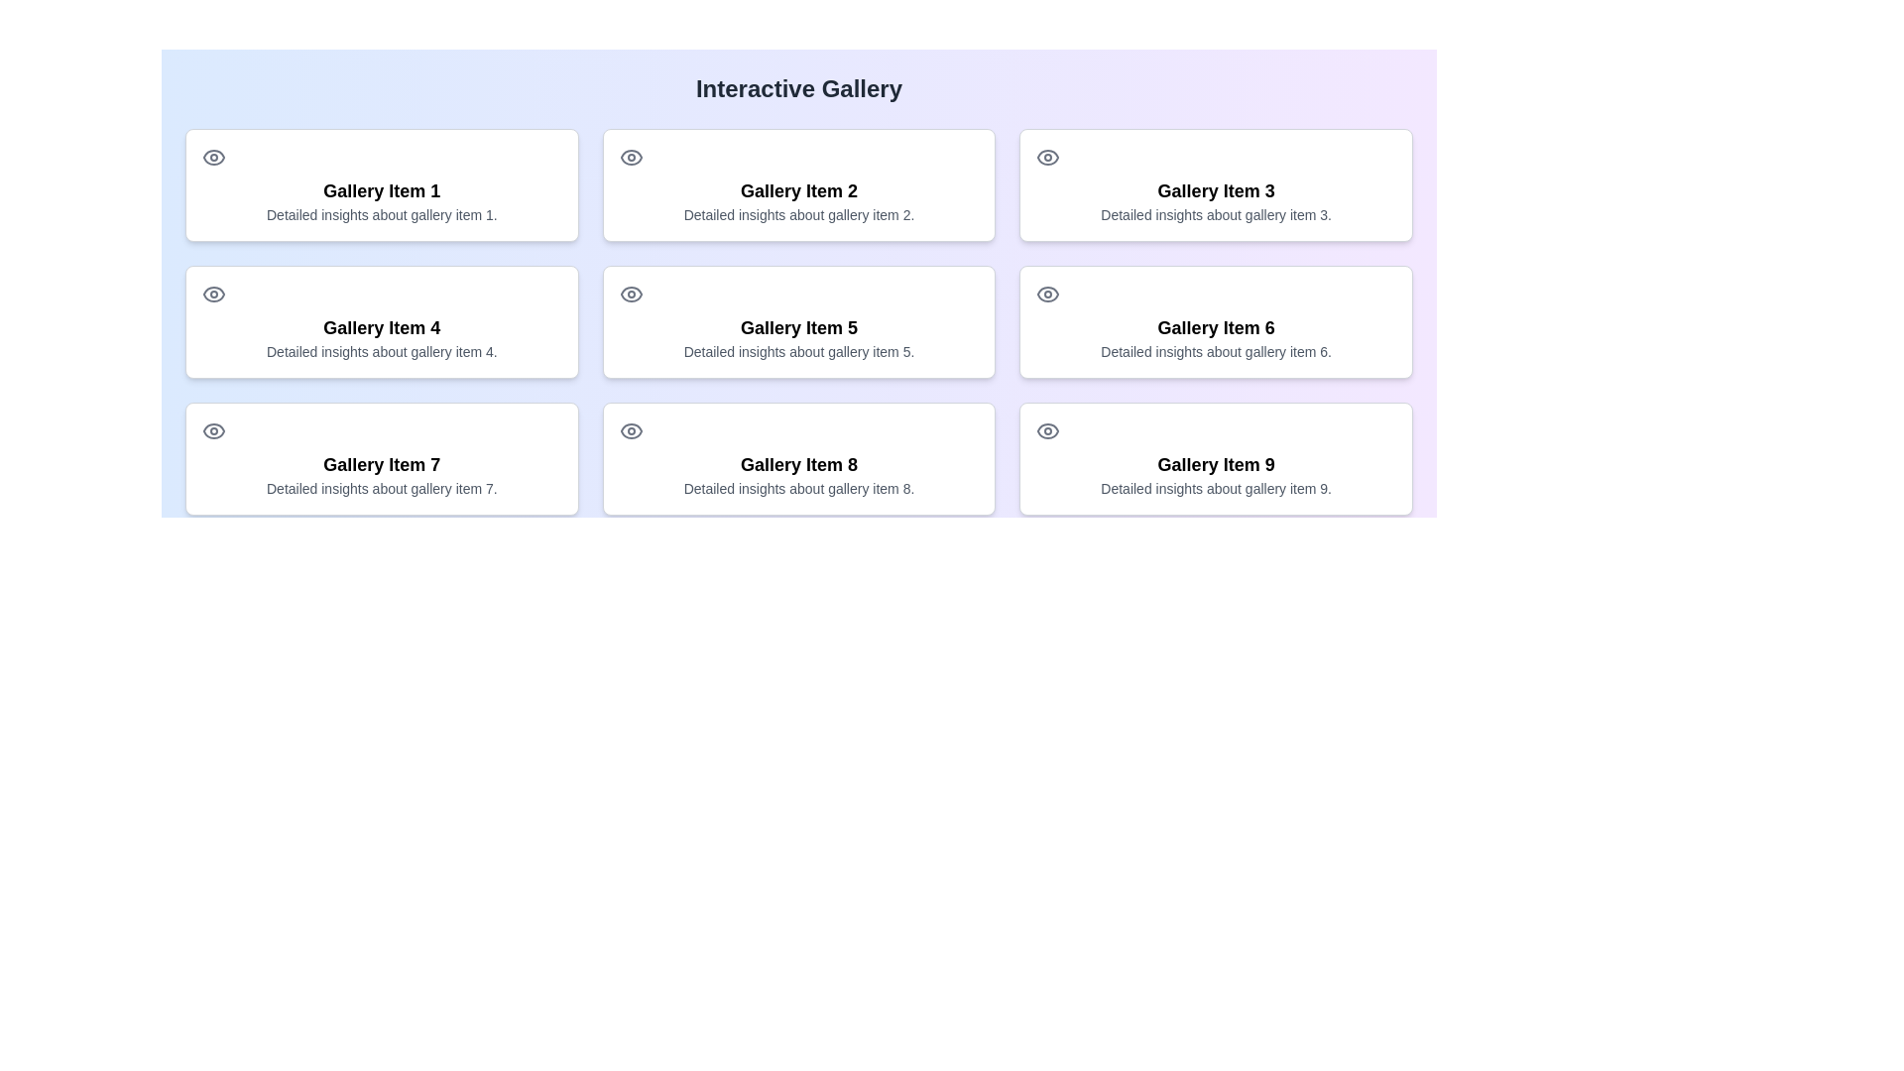 Image resolution: width=1904 pixels, height=1071 pixels. I want to click on the tile labeled 'Gallery Item 8' which has an eye icon on the left and bold text centered above a smaller gray description, so click(799, 458).